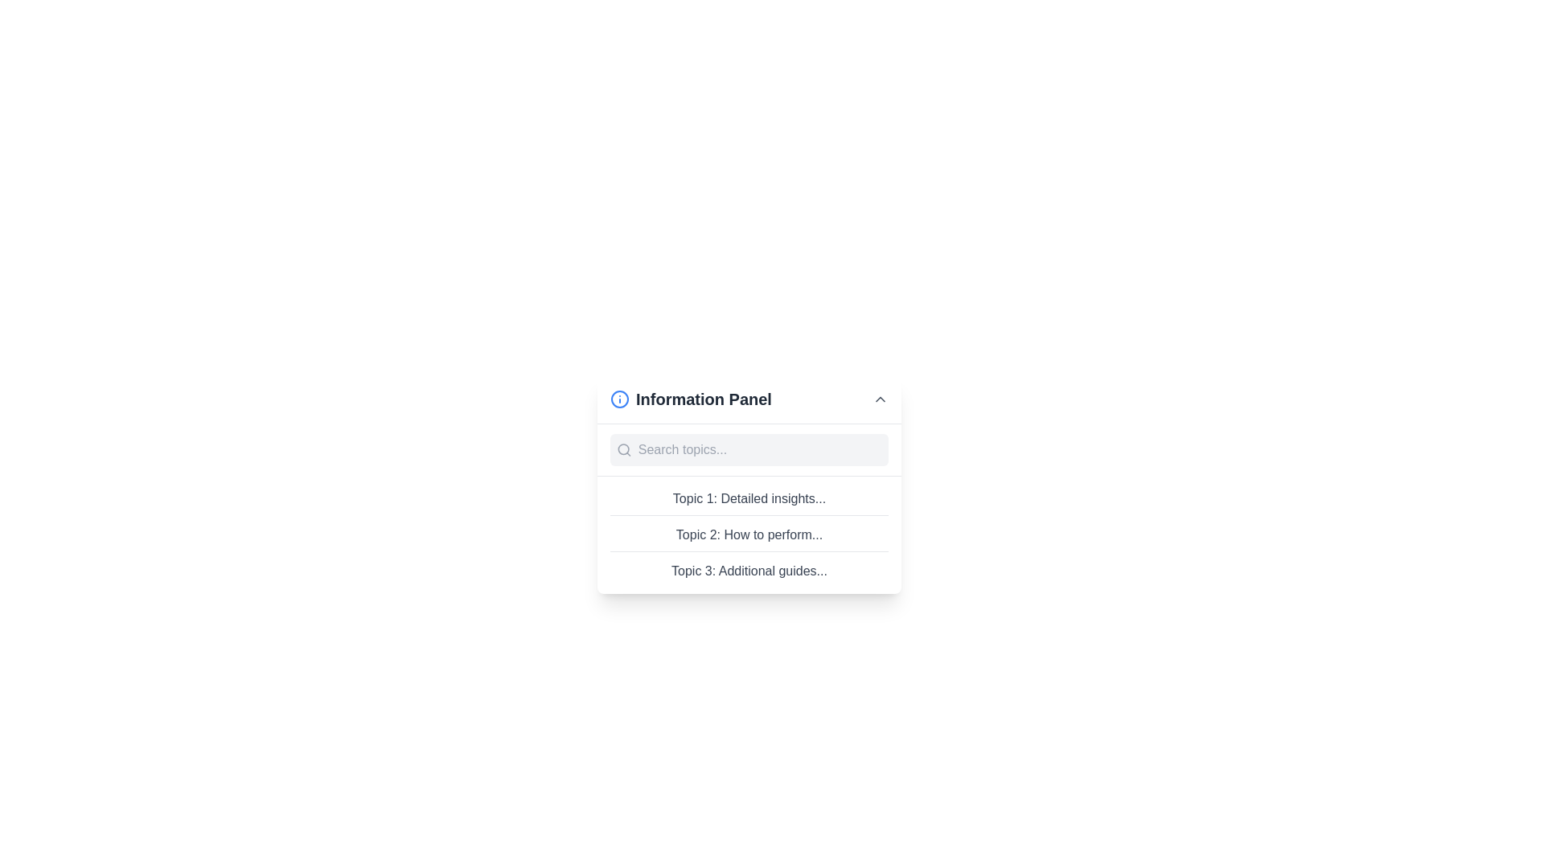 This screenshot has width=1544, height=868. What do you see at coordinates (748, 538) in the screenshot?
I see `the text label that reads 'Topic 2: How to perform...' which is styled in dark gray on a light background, located centrally below the title 'Information Panel' and the search bar` at bounding box center [748, 538].